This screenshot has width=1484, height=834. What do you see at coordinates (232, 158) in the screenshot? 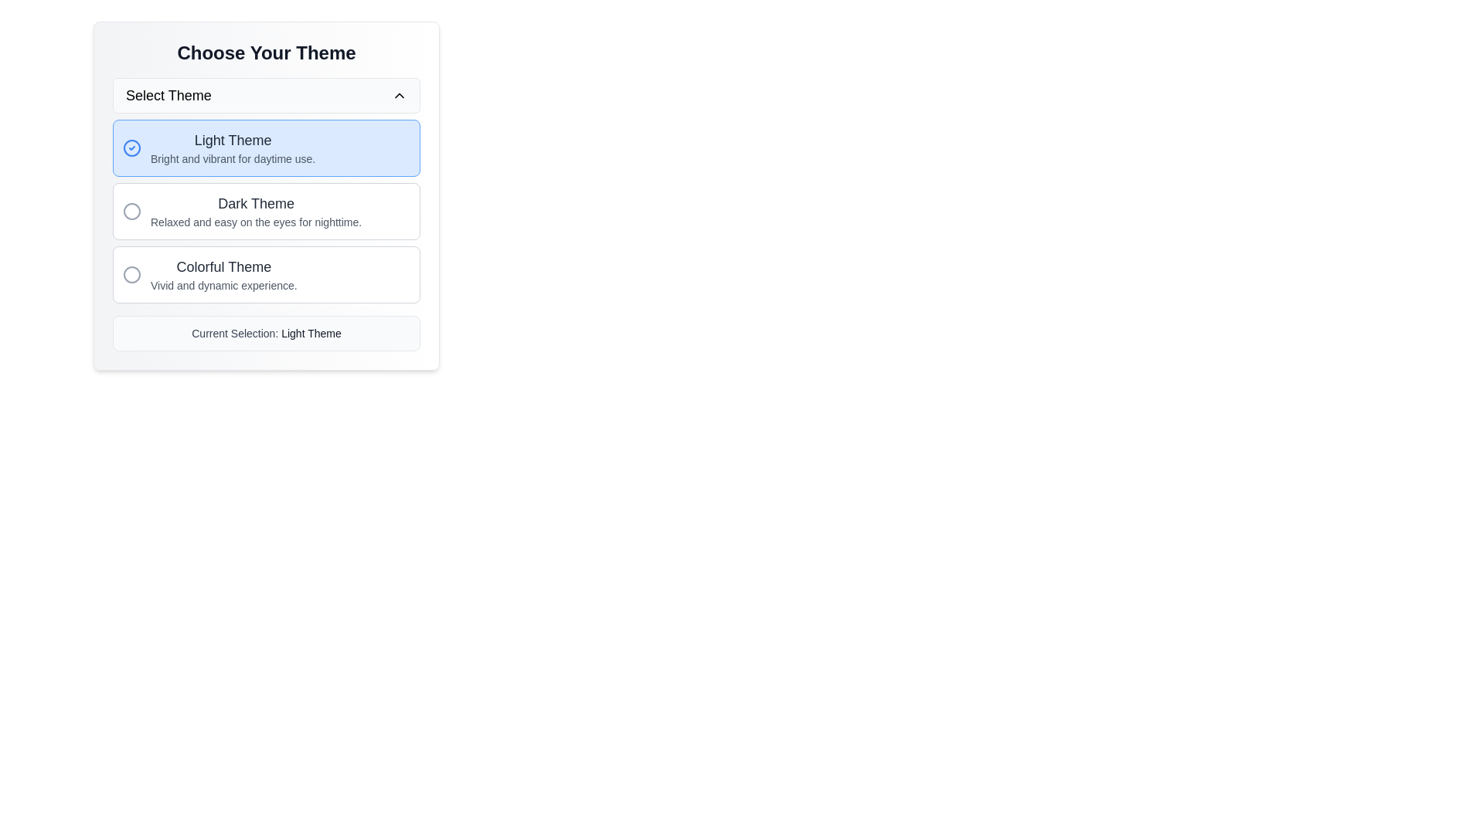
I see `the text element reading 'Bright and vibrant for daytime use.' which is styled in a smaller gray font and located below the larger text 'Light Theme' within a light blue selection box` at bounding box center [232, 158].